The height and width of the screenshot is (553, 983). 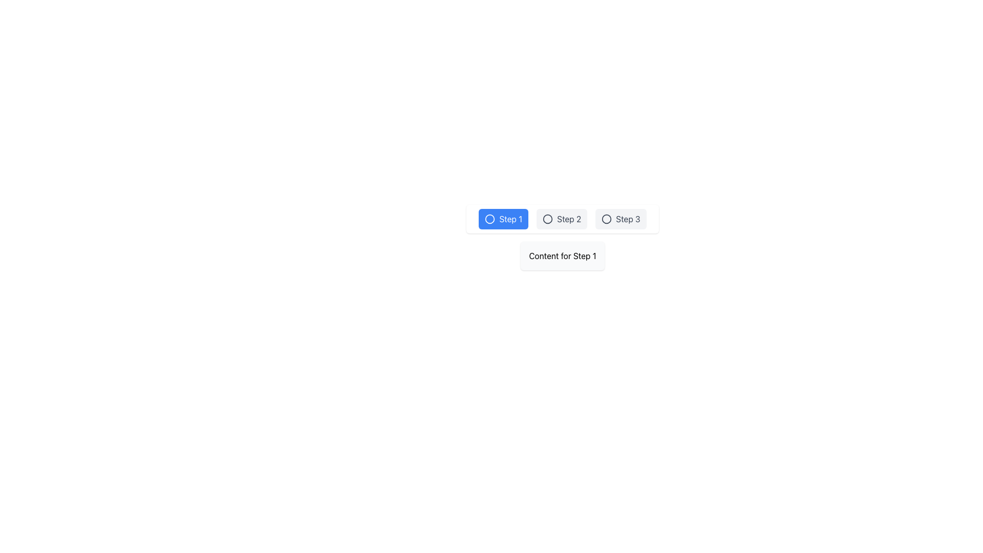 What do you see at coordinates (621, 219) in the screenshot?
I see `the 'Step 3' button, which is a rectangular UI element with soft rounded corners and a light gray background, located in the middle right of the interface` at bounding box center [621, 219].